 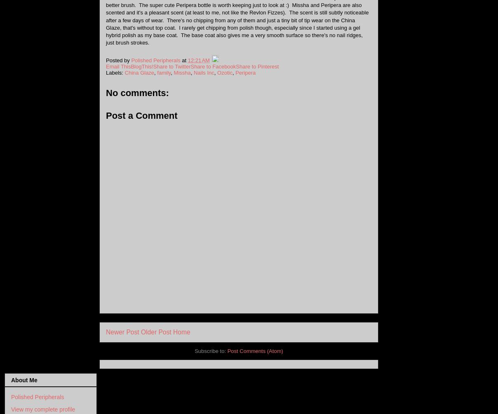 I want to click on 'Labels:', so click(x=115, y=72).